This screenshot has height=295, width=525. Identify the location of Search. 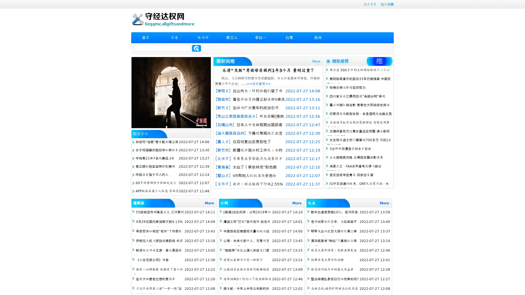
(196, 48).